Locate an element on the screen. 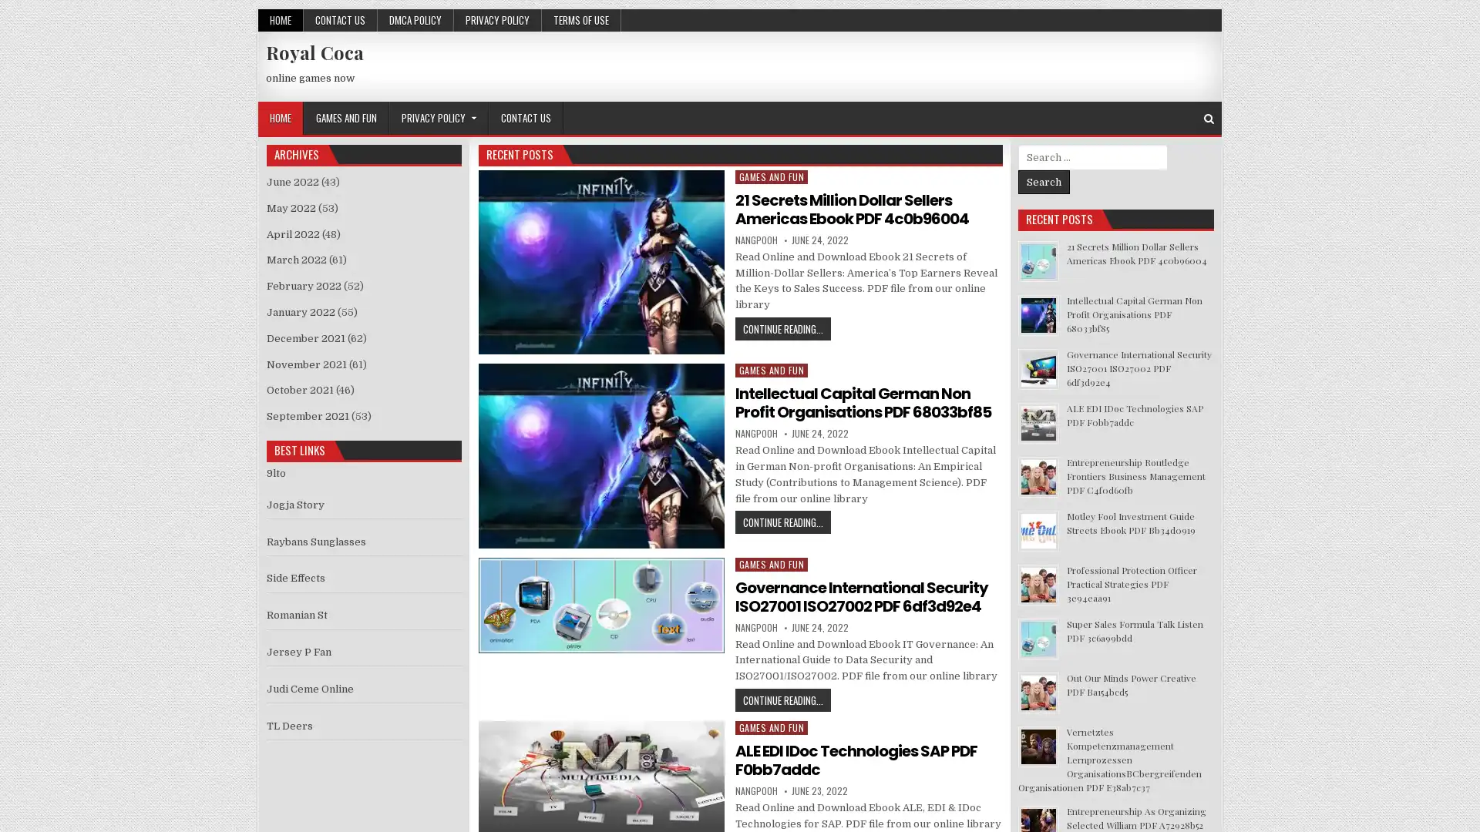  Search is located at coordinates (1044, 181).